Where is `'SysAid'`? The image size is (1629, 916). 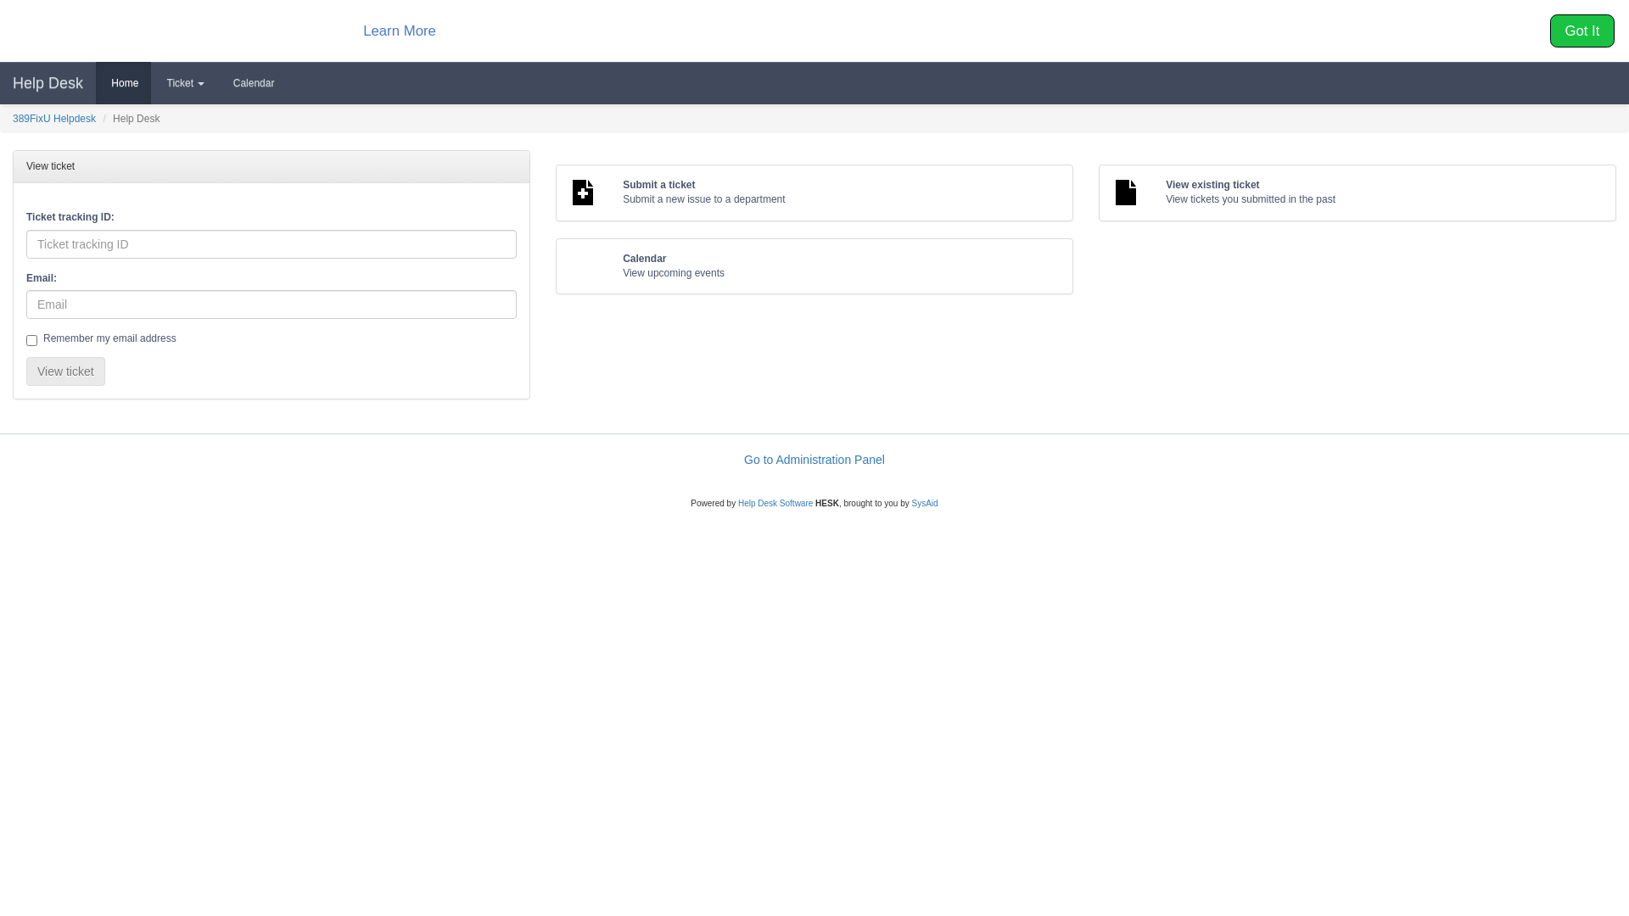 'SysAid' is located at coordinates (924, 502).